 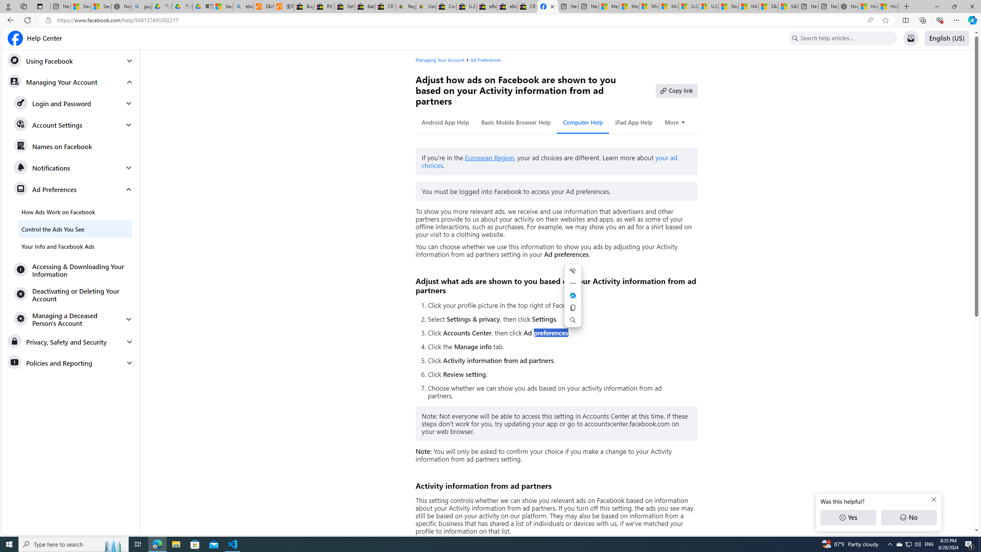 What do you see at coordinates (573, 271) in the screenshot?
I see `'Hide menu'` at bounding box center [573, 271].